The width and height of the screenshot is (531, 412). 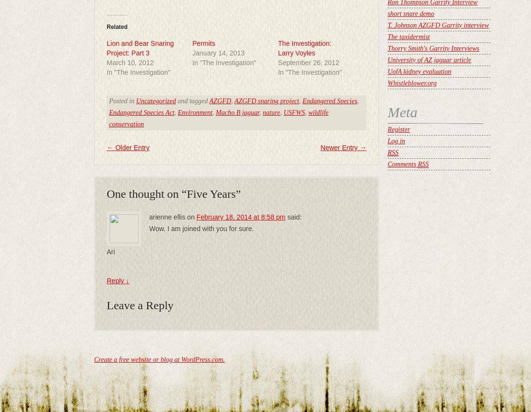 What do you see at coordinates (146, 193) in the screenshot?
I see `'One thought on “'` at bounding box center [146, 193].